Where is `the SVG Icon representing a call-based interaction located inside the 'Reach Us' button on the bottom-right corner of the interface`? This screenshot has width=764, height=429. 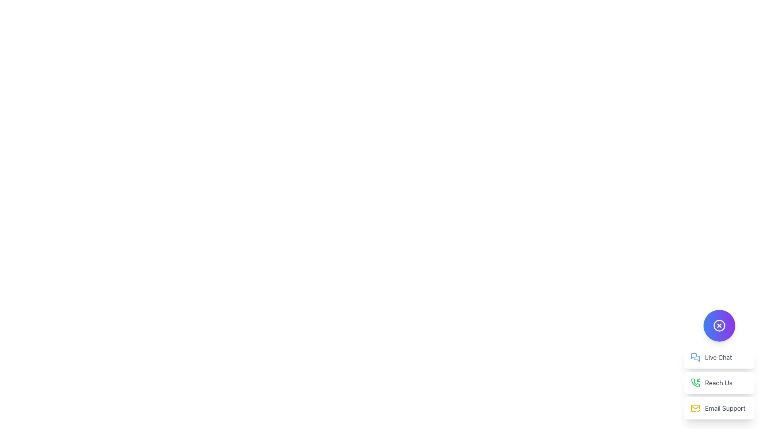 the SVG Icon representing a call-based interaction located inside the 'Reach Us' button on the bottom-right corner of the interface is located at coordinates (695, 383).